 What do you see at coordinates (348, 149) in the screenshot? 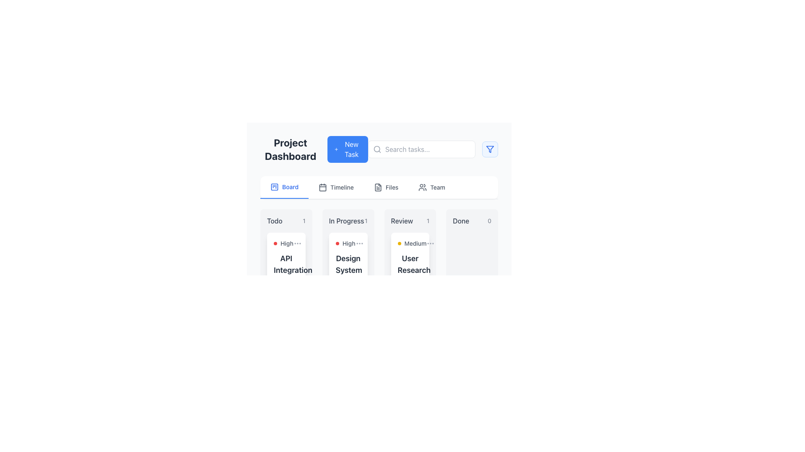
I see `the blue rectangular button labeled 'New Task' with a plus icon to trigger the hover effects` at bounding box center [348, 149].